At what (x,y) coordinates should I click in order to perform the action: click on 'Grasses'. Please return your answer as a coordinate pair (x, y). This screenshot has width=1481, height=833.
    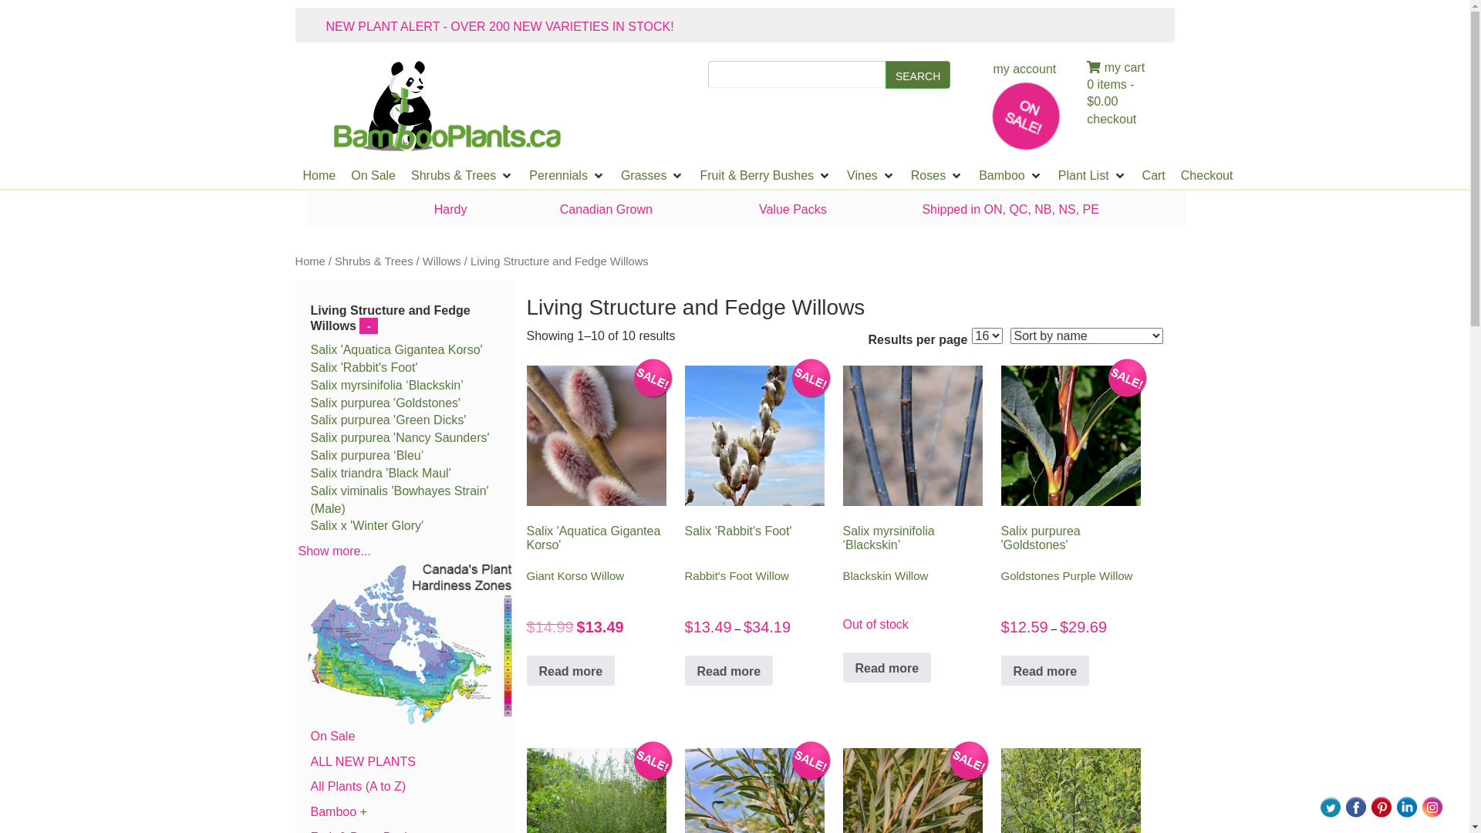
    Looking at the image, I should click on (644, 175).